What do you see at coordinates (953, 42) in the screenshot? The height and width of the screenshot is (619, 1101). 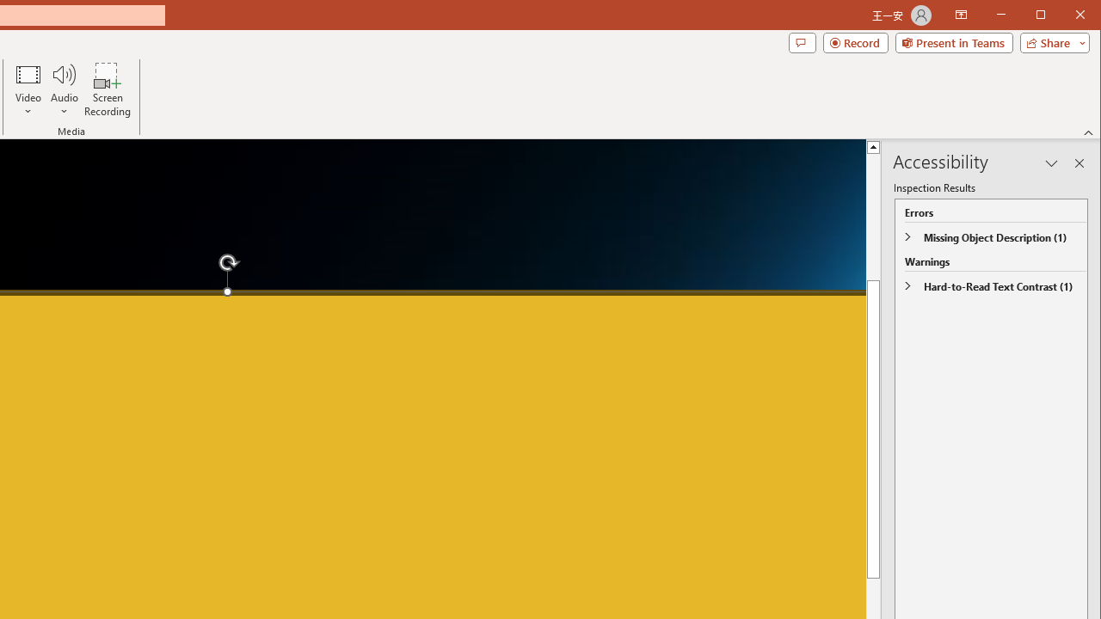 I see `'Present in Teams'` at bounding box center [953, 42].